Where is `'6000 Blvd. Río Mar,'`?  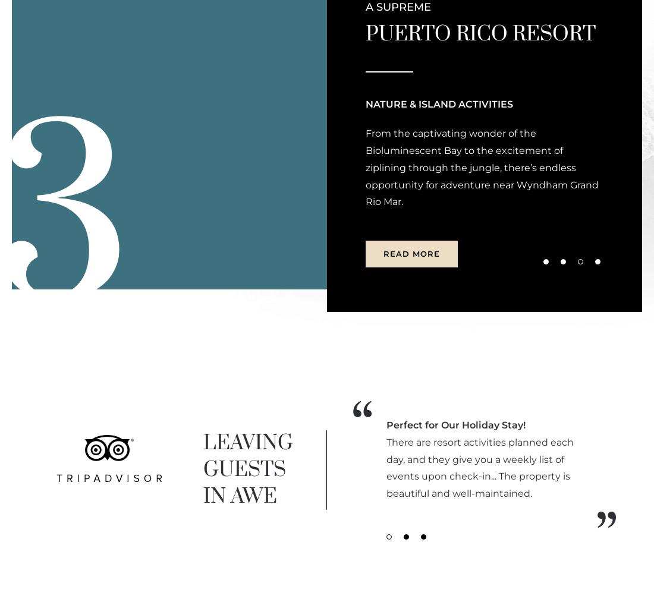 '6000 Blvd. Río Mar,' is located at coordinates (58, 111).